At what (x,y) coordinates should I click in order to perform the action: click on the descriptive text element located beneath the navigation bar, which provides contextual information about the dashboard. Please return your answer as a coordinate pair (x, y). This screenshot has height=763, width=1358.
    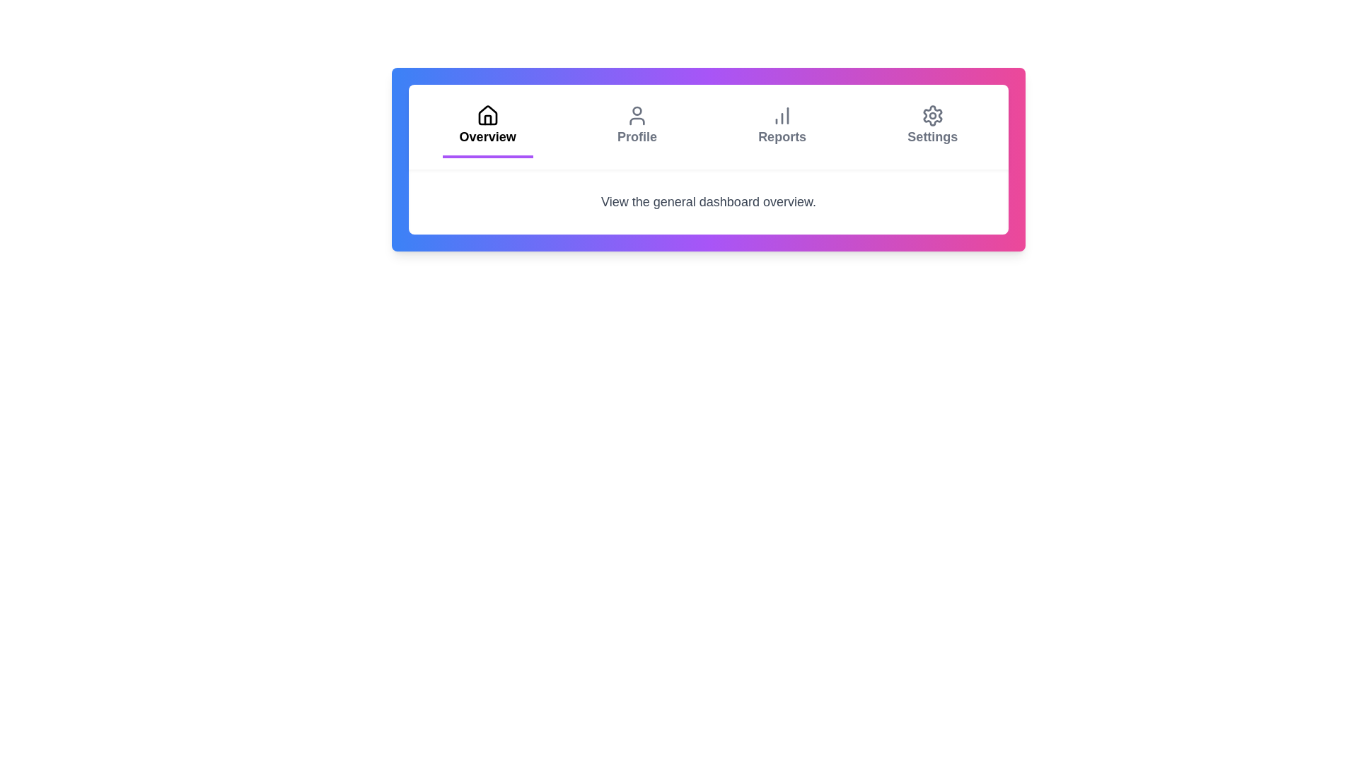
    Looking at the image, I should click on (709, 201).